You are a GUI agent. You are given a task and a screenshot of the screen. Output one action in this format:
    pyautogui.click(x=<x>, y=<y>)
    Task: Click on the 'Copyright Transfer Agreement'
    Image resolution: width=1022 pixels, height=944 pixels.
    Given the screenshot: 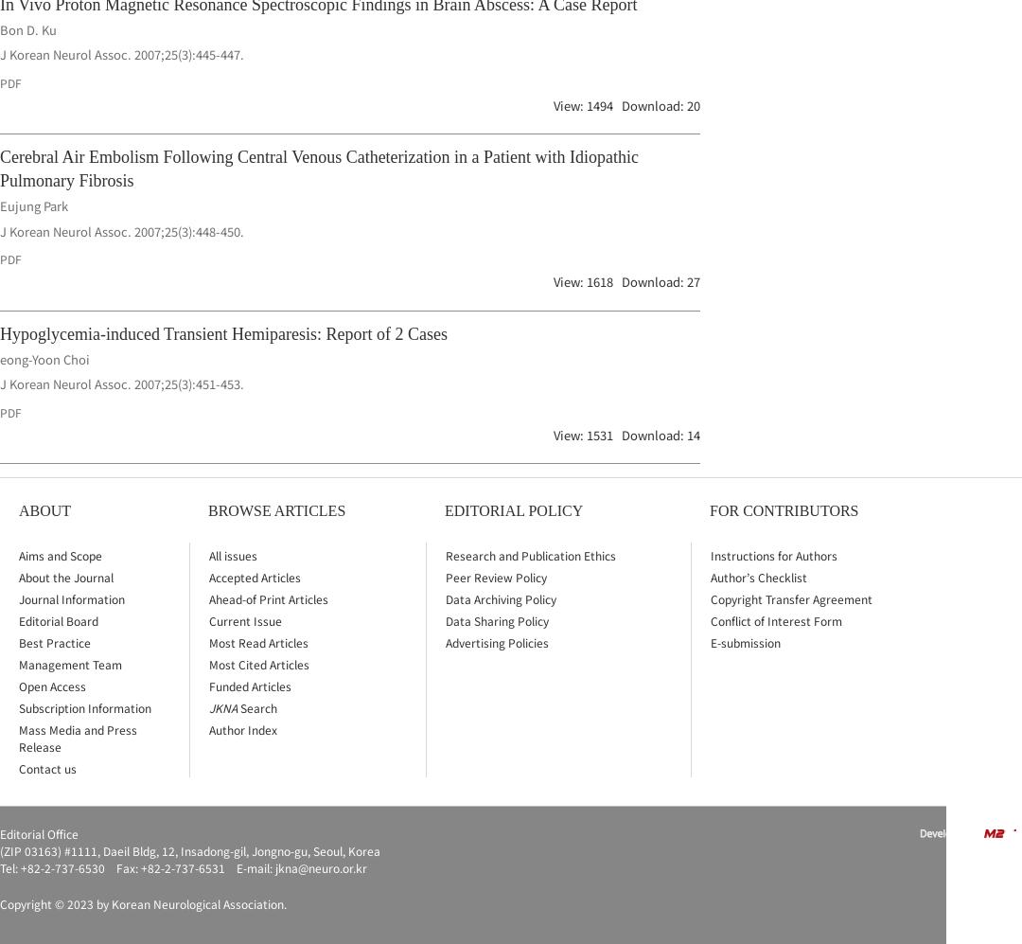 What is the action you would take?
    pyautogui.click(x=791, y=597)
    